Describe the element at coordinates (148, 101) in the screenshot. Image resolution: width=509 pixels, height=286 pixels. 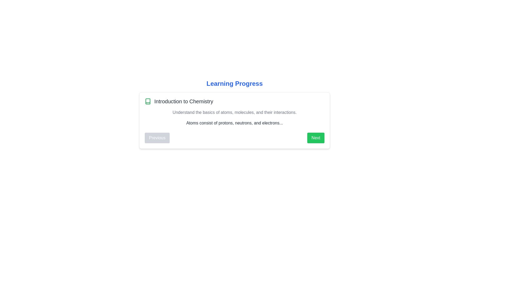
I see `the green book icon, which is a line-drawn SVG illustration located to the left of the title 'Introduction to Chemistry' within the 'Learning Progress' section` at that location.